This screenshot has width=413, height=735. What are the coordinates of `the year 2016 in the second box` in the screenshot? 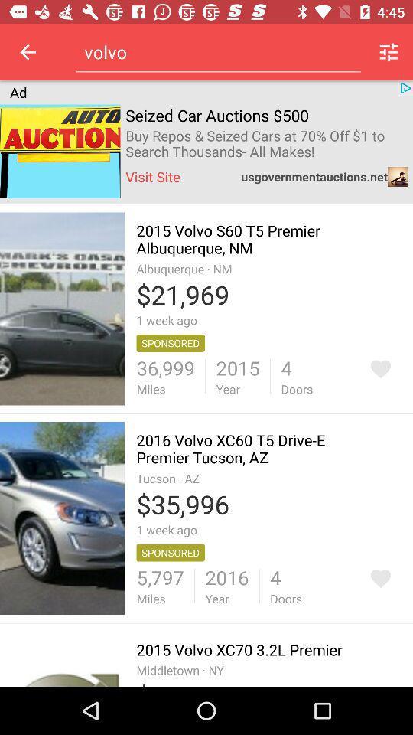 It's located at (226, 585).